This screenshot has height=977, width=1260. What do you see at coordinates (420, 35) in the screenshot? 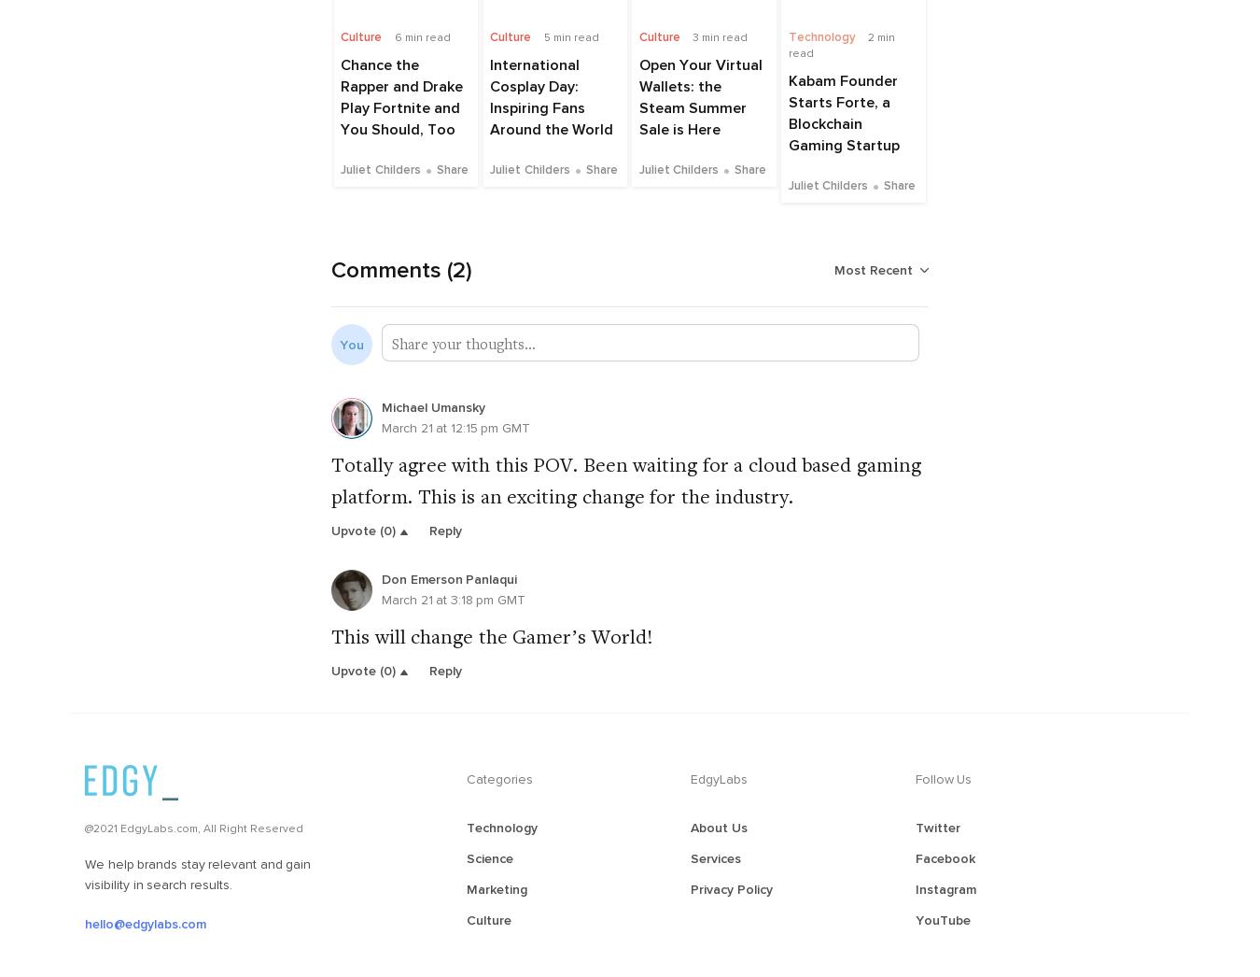
I see `'6 min read'` at bounding box center [420, 35].